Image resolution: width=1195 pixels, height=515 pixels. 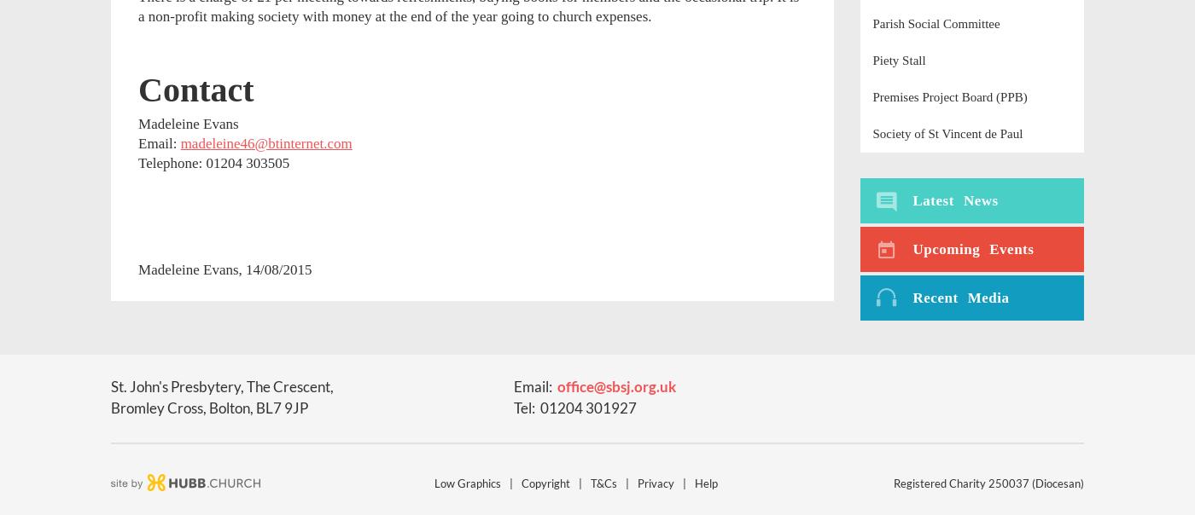 What do you see at coordinates (599, 386) in the screenshot?
I see `'@'` at bounding box center [599, 386].